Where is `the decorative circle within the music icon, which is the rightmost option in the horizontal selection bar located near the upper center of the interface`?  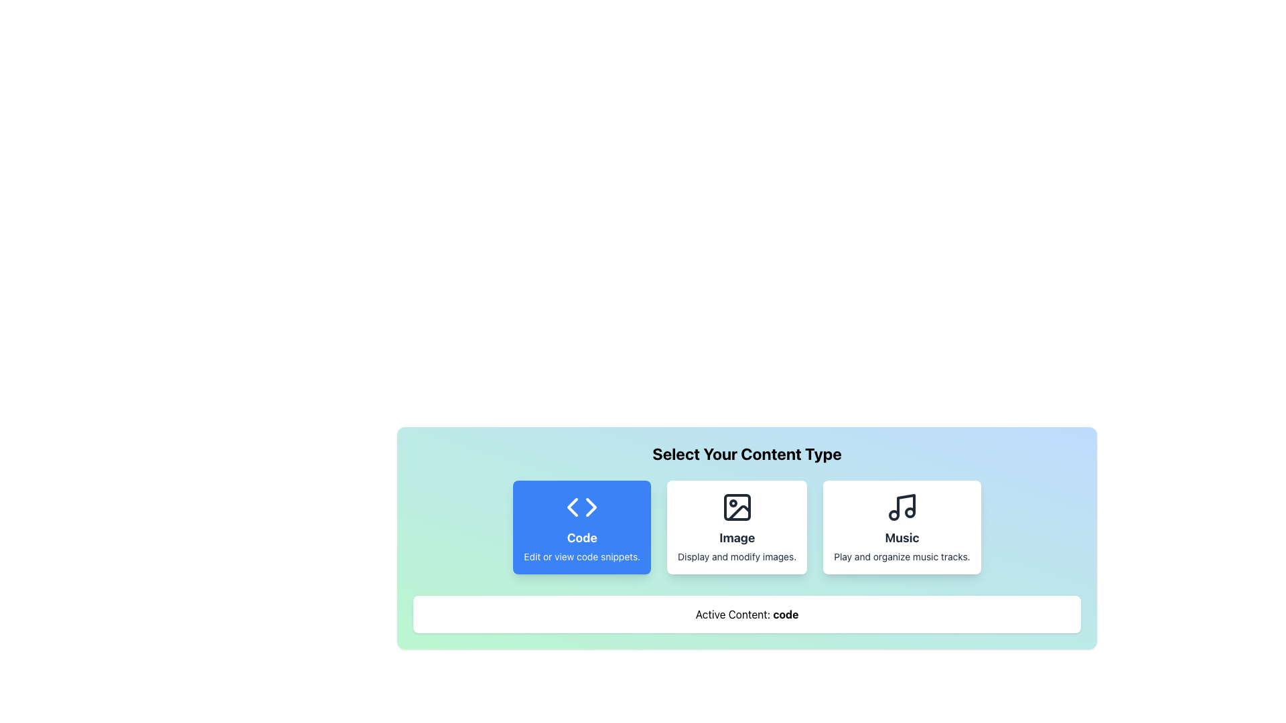
the decorative circle within the music icon, which is the rightmost option in the horizontal selection bar located near the upper center of the interface is located at coordinates (910, 512).